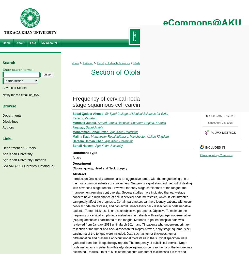 This screenshot has width=249, height=254. Describe the element at coordinates (143, 63) in the screenshot. I see `'Medical College'` at that location.